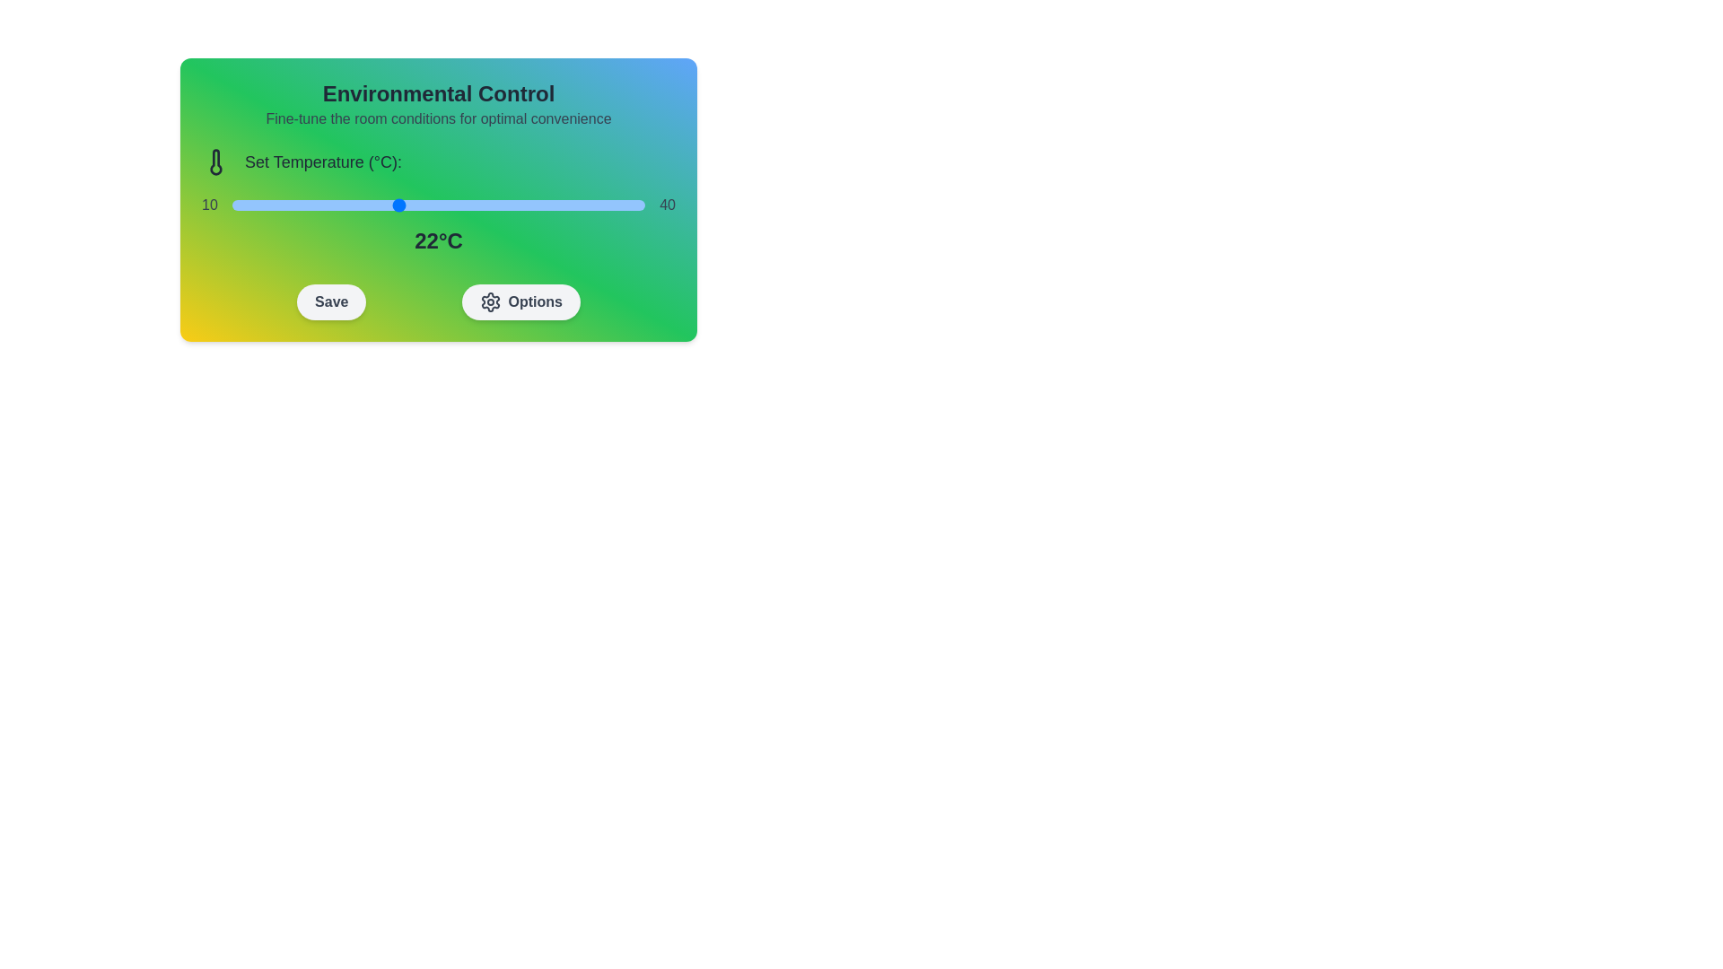 This screenshot has height=969, width=1723. Describe the element at coordinates (342, 204) in the screenshot. I see `the temperature` at that location.